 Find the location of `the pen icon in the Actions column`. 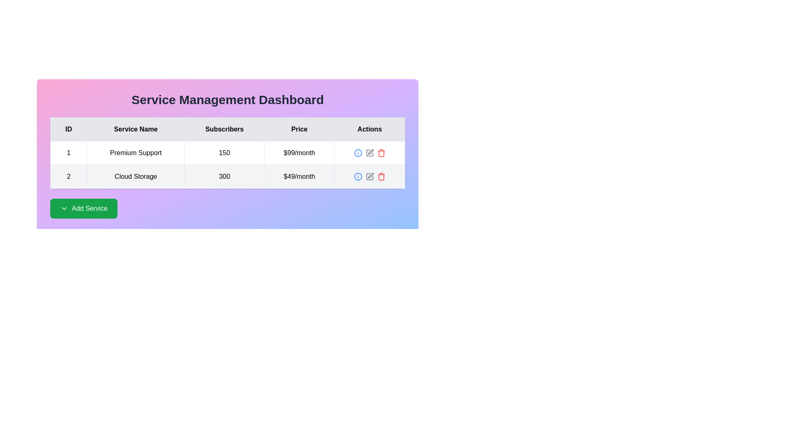

the pen icon in the Actions column is located at coordinates (370, 175).